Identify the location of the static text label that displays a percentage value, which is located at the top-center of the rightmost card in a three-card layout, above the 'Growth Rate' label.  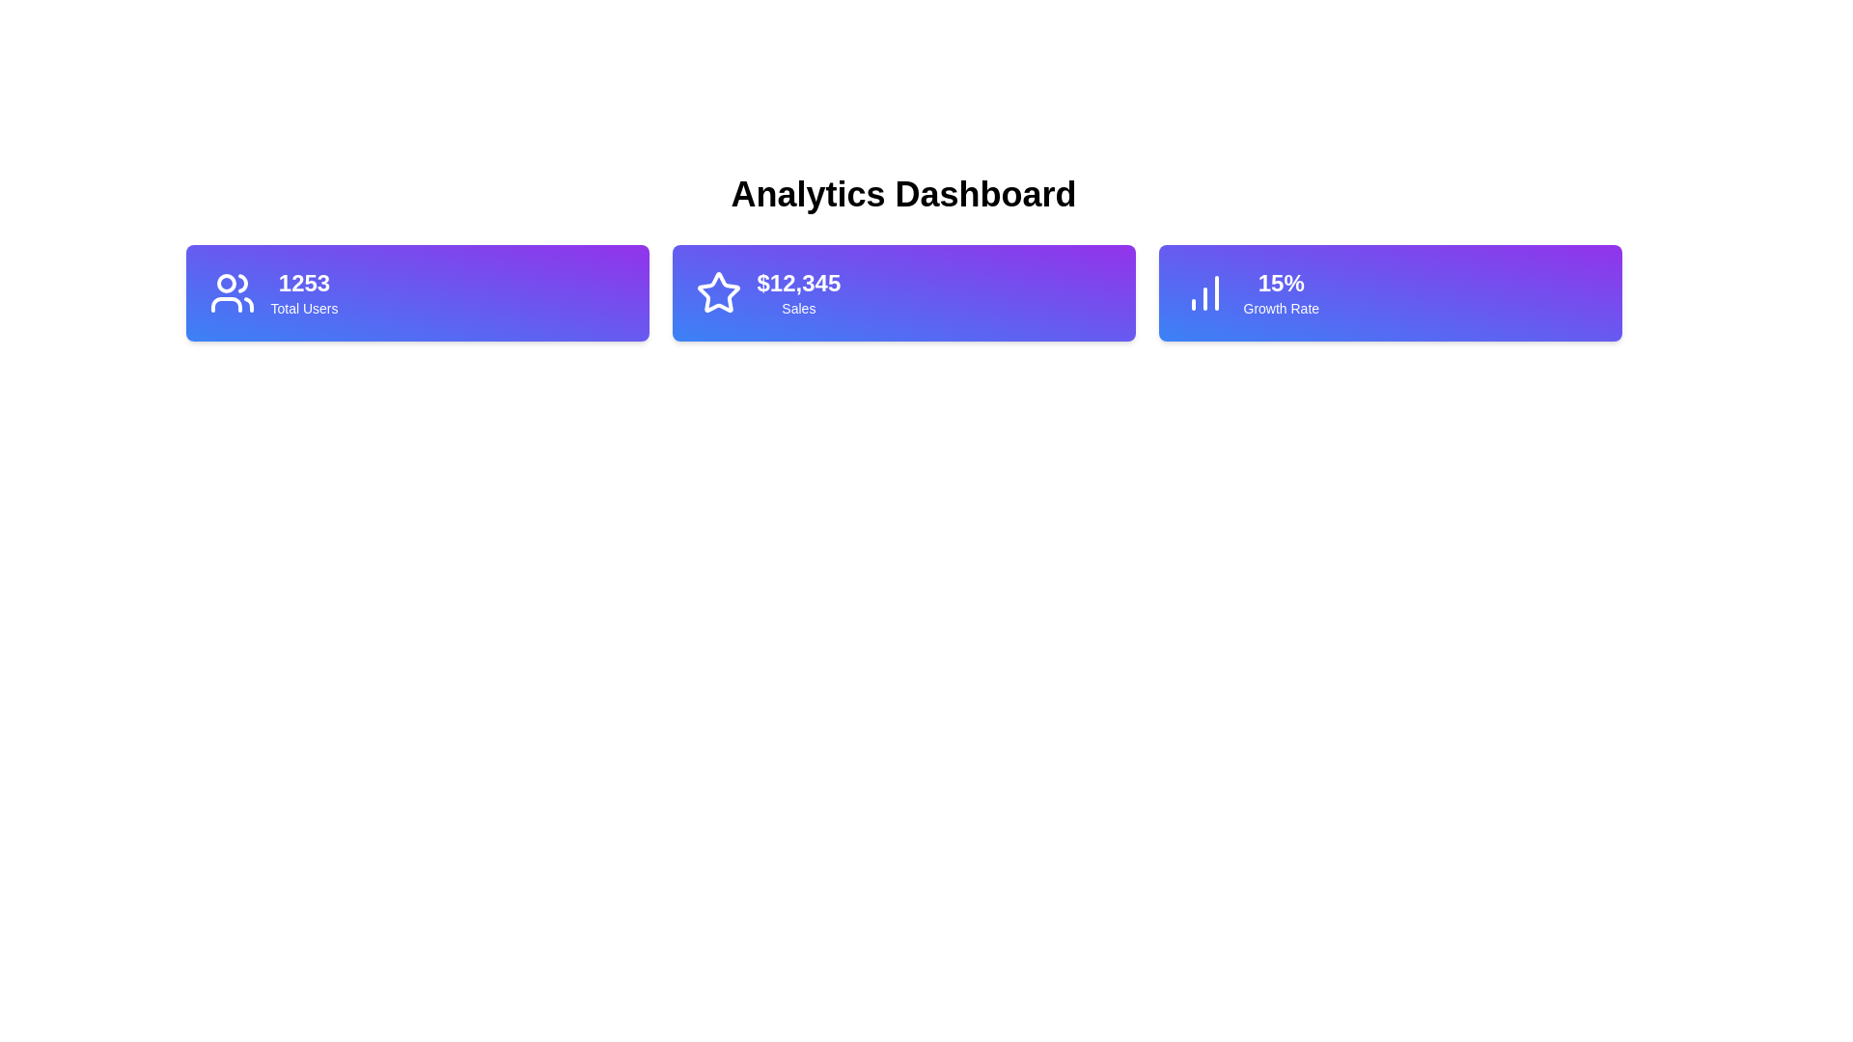
(1281, 283).